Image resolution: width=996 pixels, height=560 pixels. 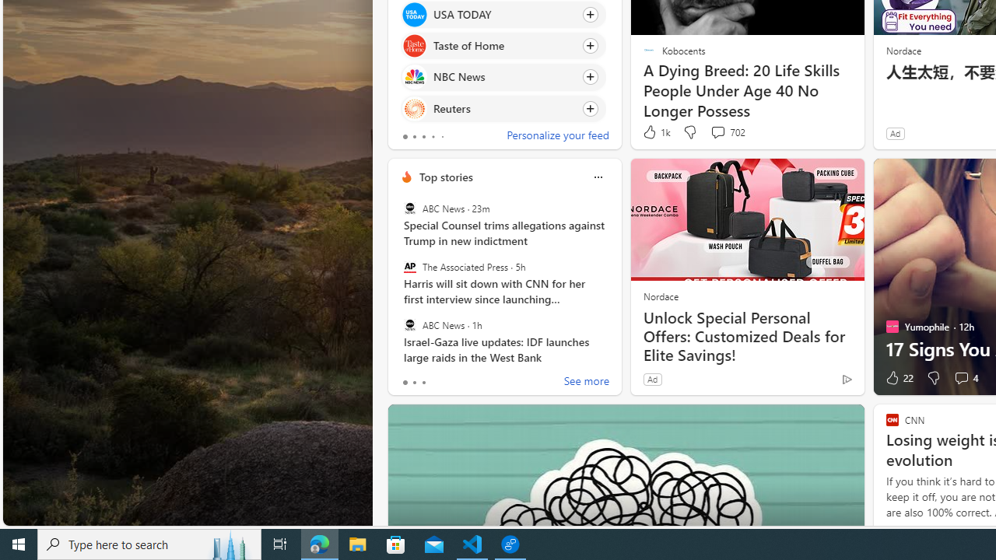 I want to click on 'Click to follow source Taste of Home', so click(x=503, y=45).